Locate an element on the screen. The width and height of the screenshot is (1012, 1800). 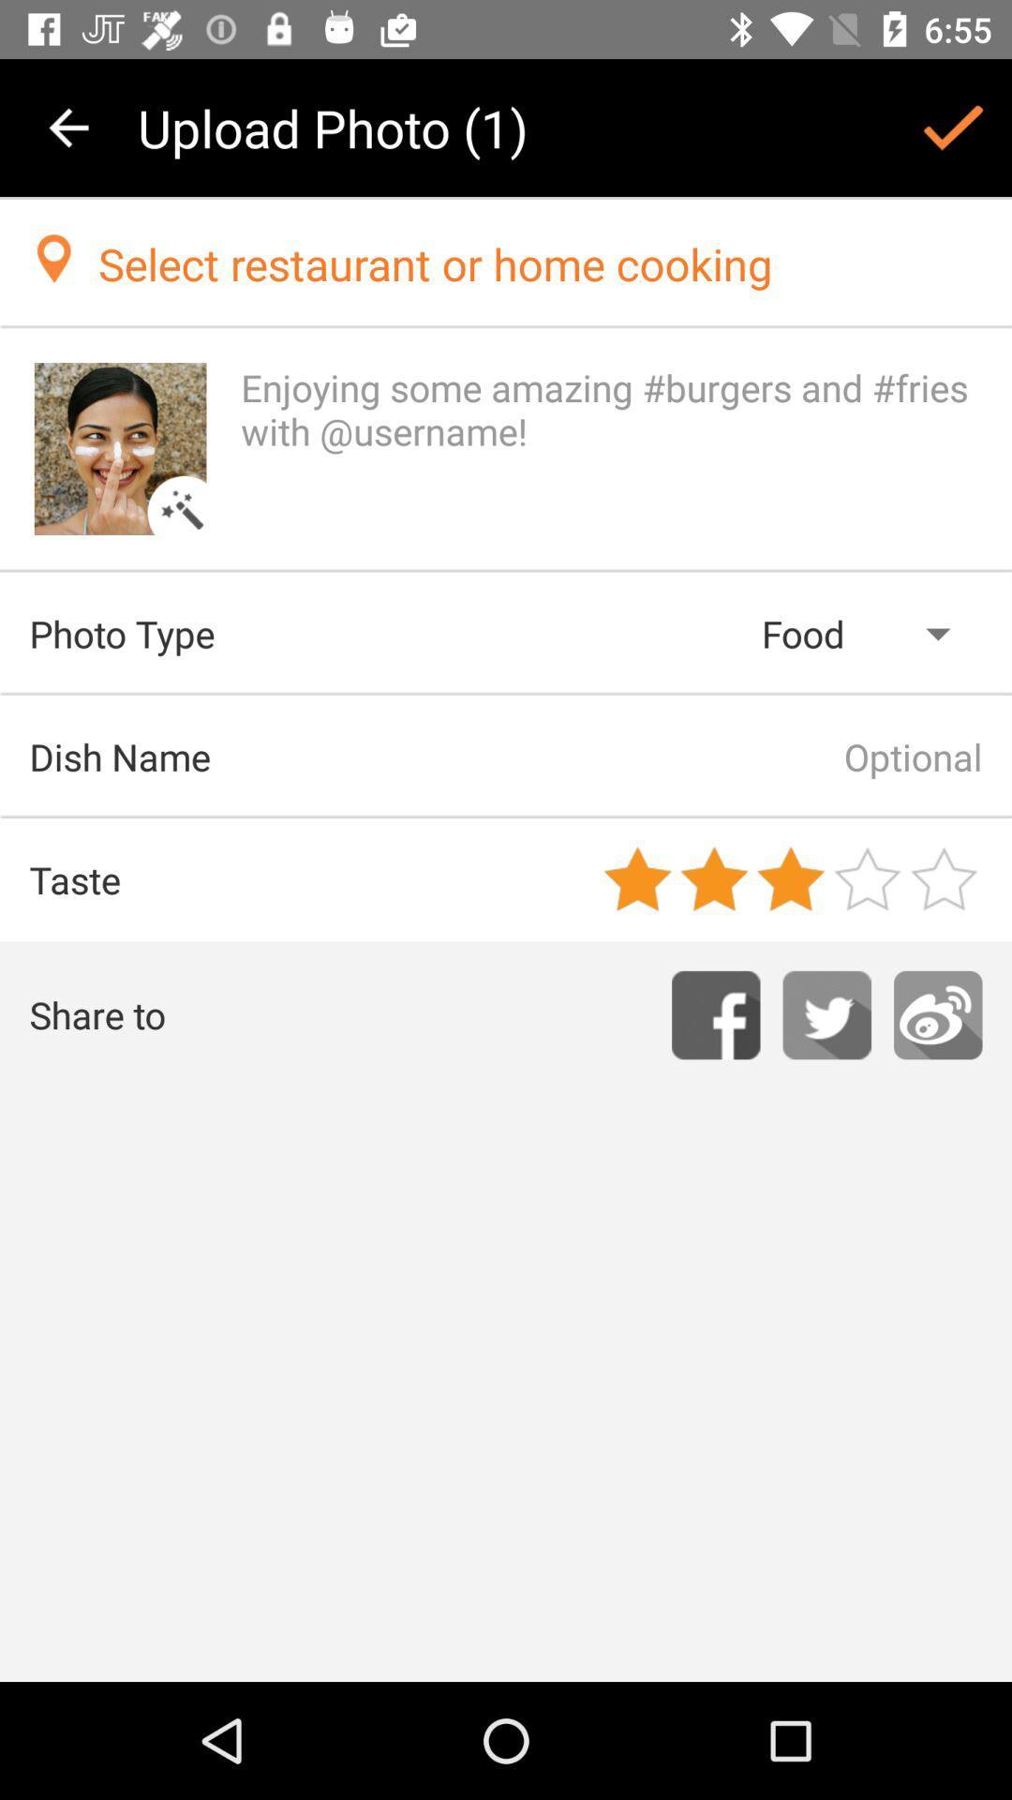
share to facebook is located at coordinates (716, 1014).